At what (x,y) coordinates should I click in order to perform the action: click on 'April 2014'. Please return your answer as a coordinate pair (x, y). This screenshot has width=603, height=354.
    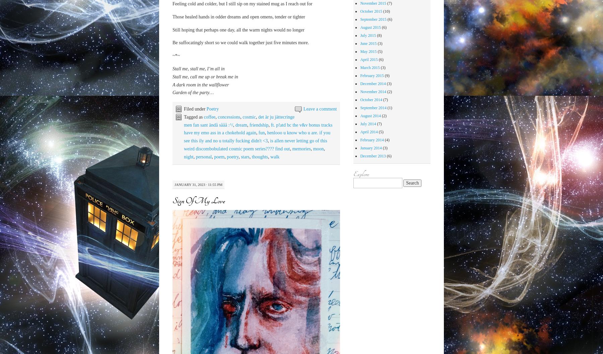
    Looking at the image, I should click on (360, 132).